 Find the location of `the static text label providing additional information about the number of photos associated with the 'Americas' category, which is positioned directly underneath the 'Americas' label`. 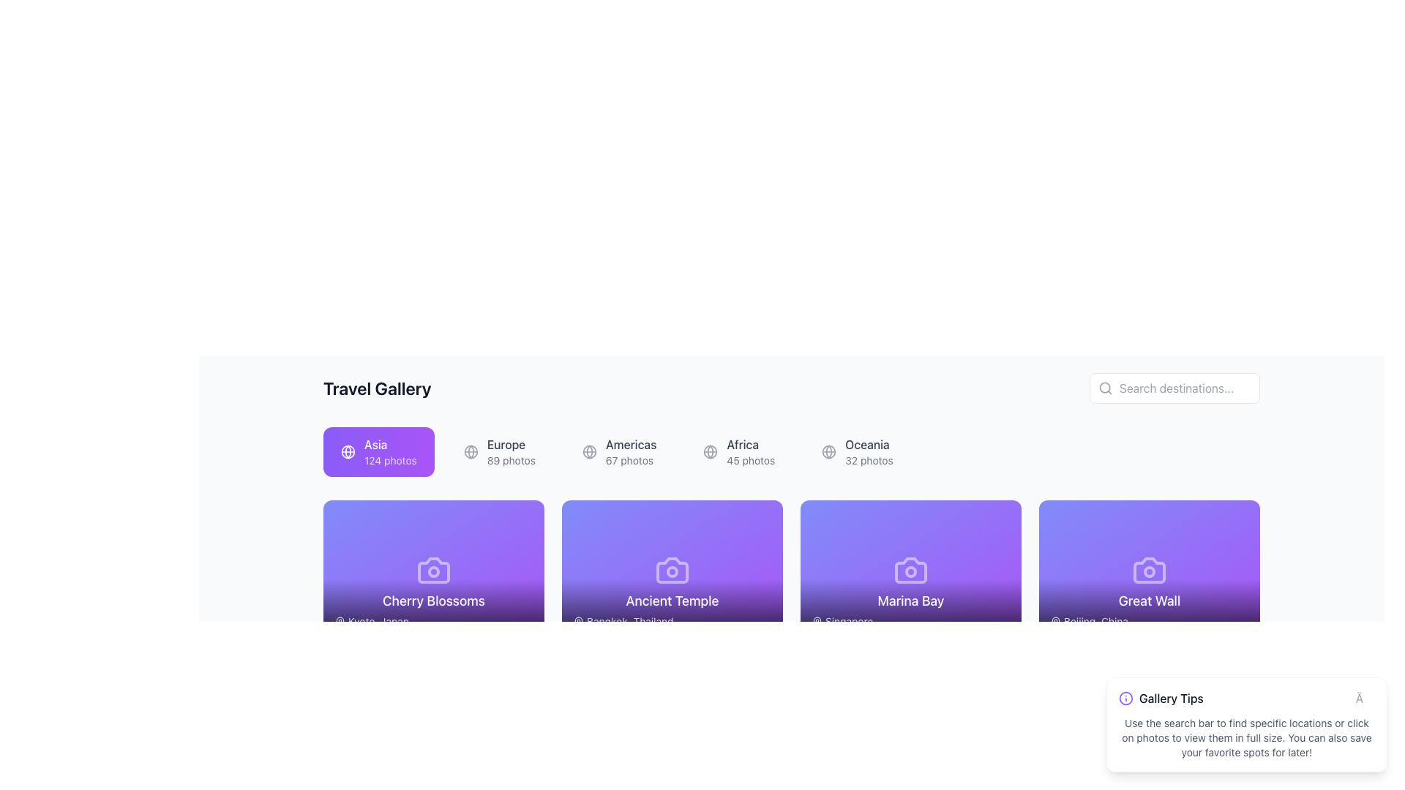

the static text label providing additional information about the number of photos associated with the 'Americas' category, which is positioned directly underneath the 'Americas' label is located at coordinates (631, 459).